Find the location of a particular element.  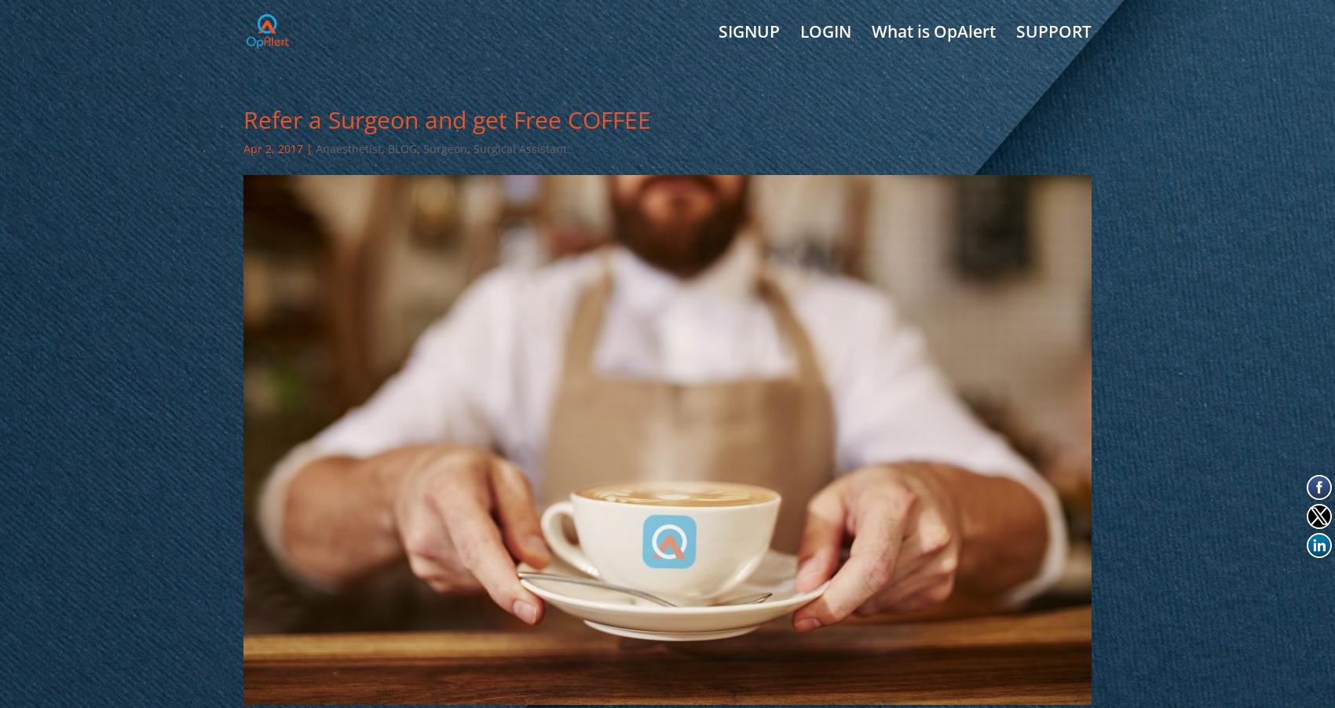

'Surgeon' is located at coordinates (444, 148).